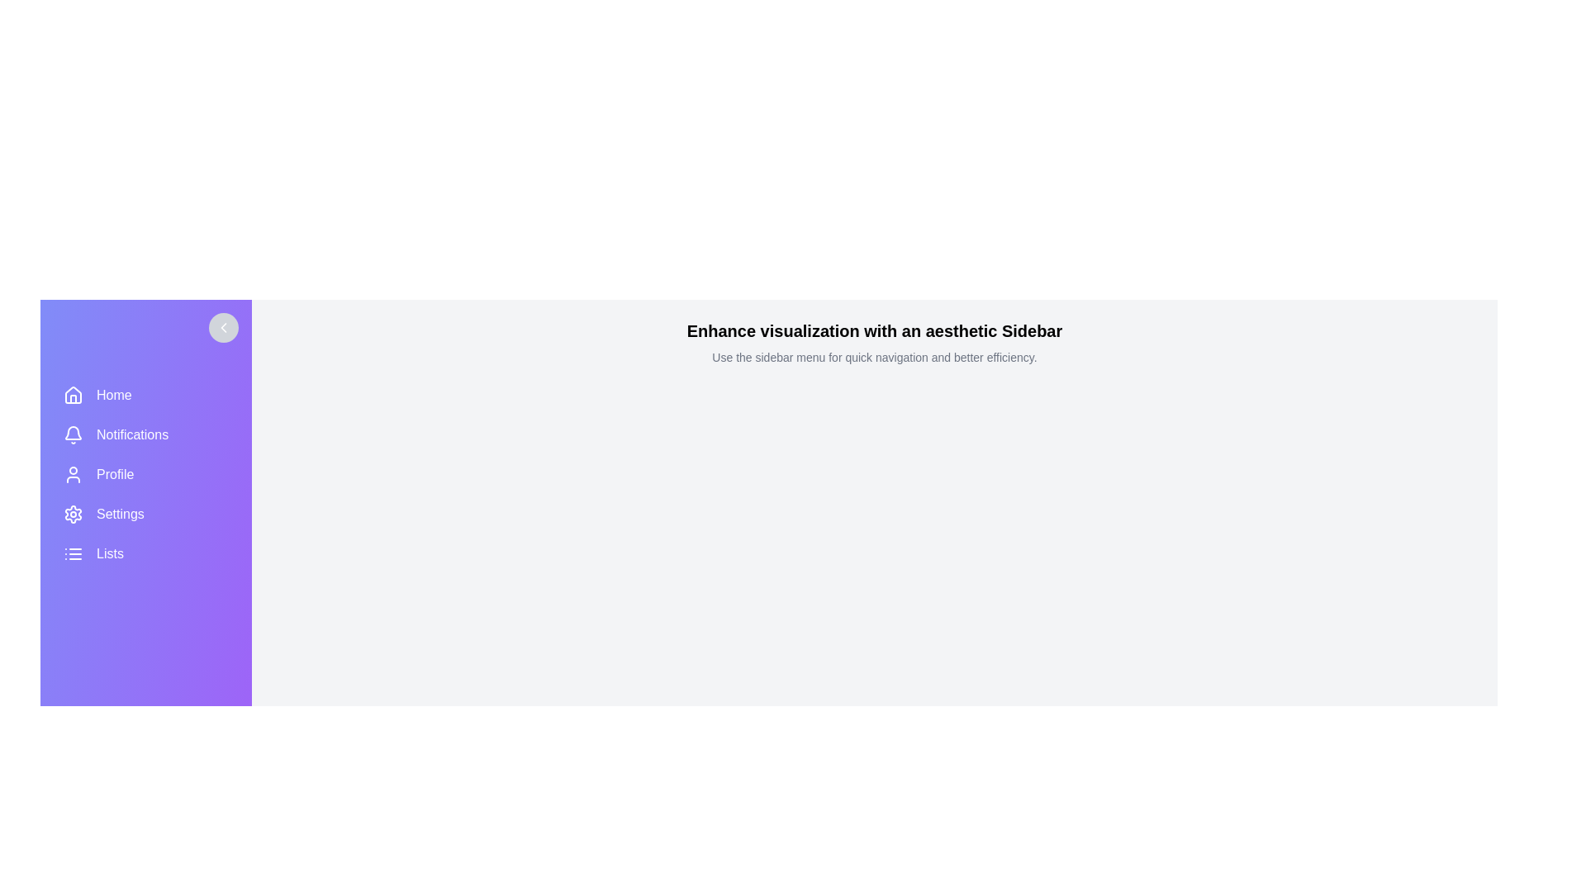 This screenshot has width=1586, height=892. I want to click on the menu item Profile to reveal its label, so click(146, 474).